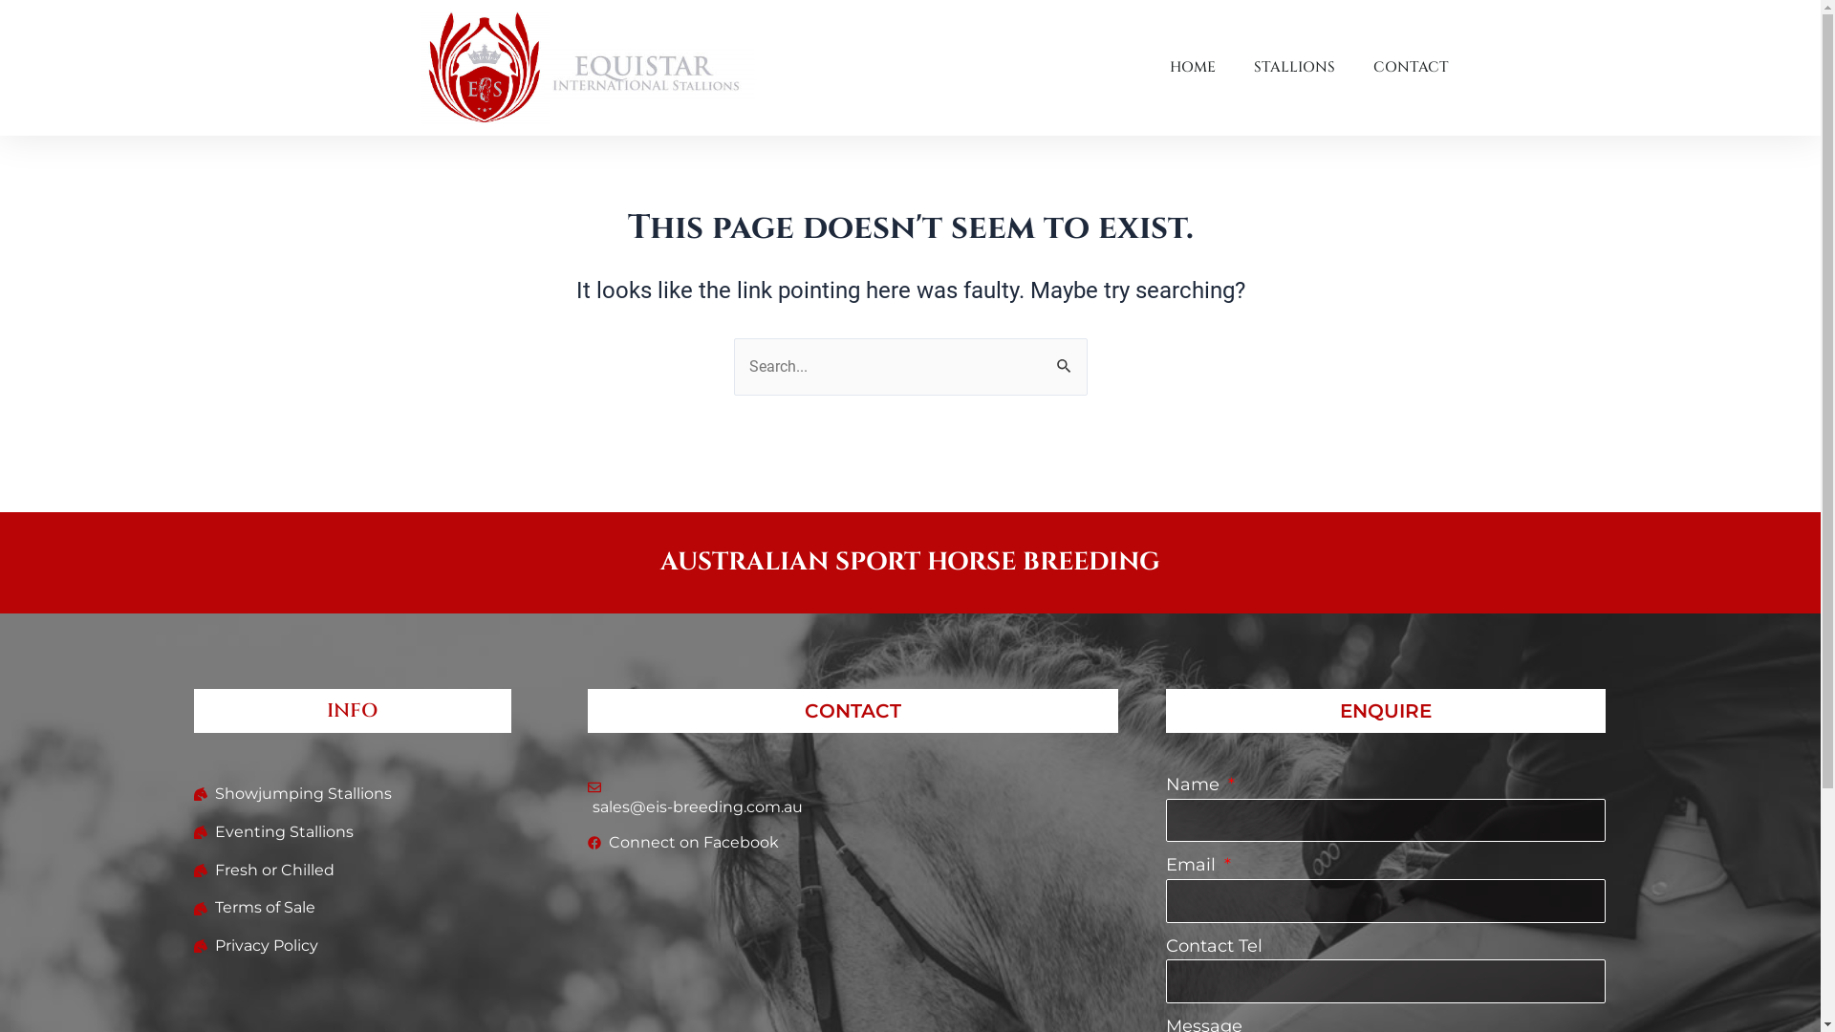 This screenshot has width=1835, height=1032. What do you see at coordinates (1064, 357) in the screenshot?
I see `'Search'` at bounding box center [1064, 357].